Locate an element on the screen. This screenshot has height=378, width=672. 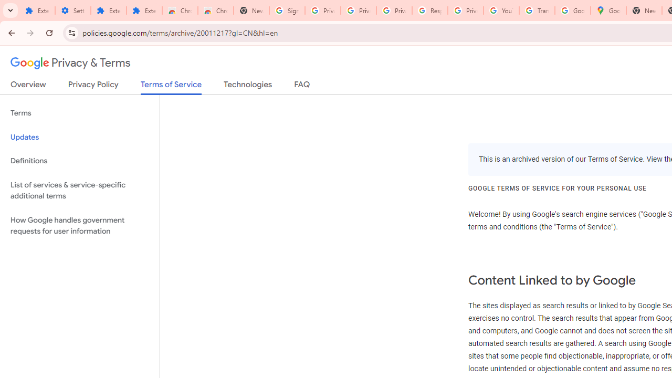
'Google Maps' is located at coordinates (608, 10).